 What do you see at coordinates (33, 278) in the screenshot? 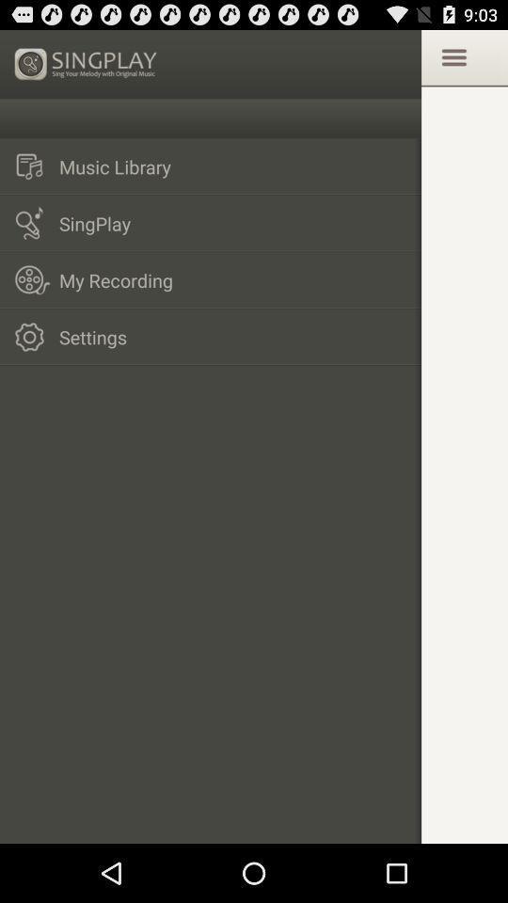
I see `the icon which is before my recording` at bounding box center [33, 278].